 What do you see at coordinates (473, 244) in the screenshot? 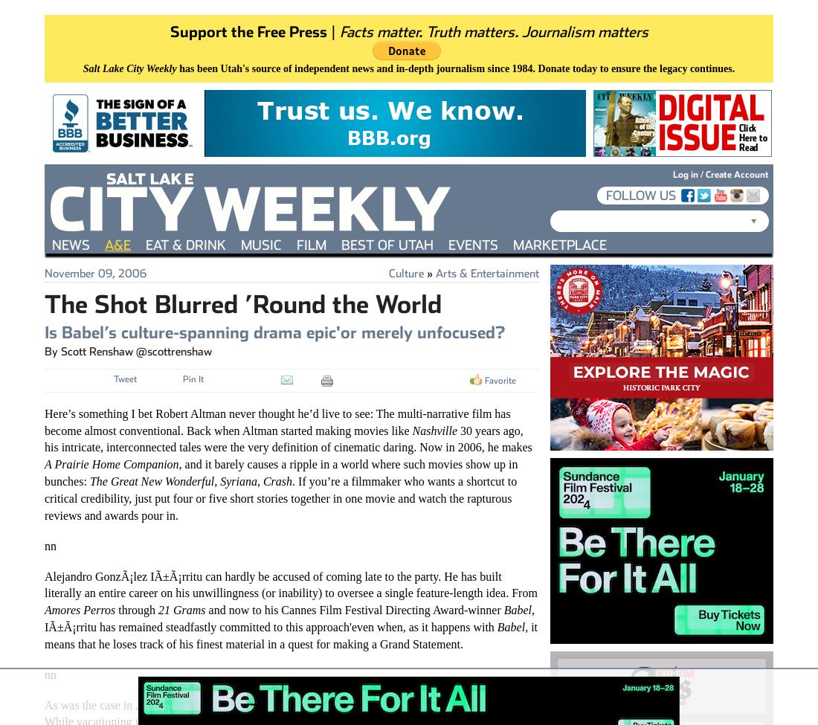
I see `'Events'` at bounding box center [473, 244].